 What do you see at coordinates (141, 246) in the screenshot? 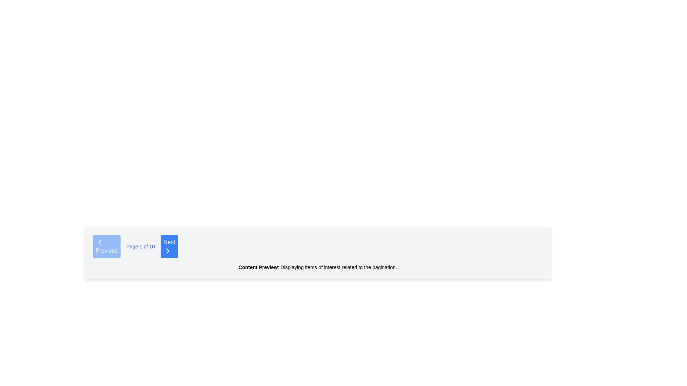
I see `the text element displaying 'Page 1 of 10', which is centrally located between the 'Previous' and 'Next' buttons in the pagination component` at bounding box center [141, 246].